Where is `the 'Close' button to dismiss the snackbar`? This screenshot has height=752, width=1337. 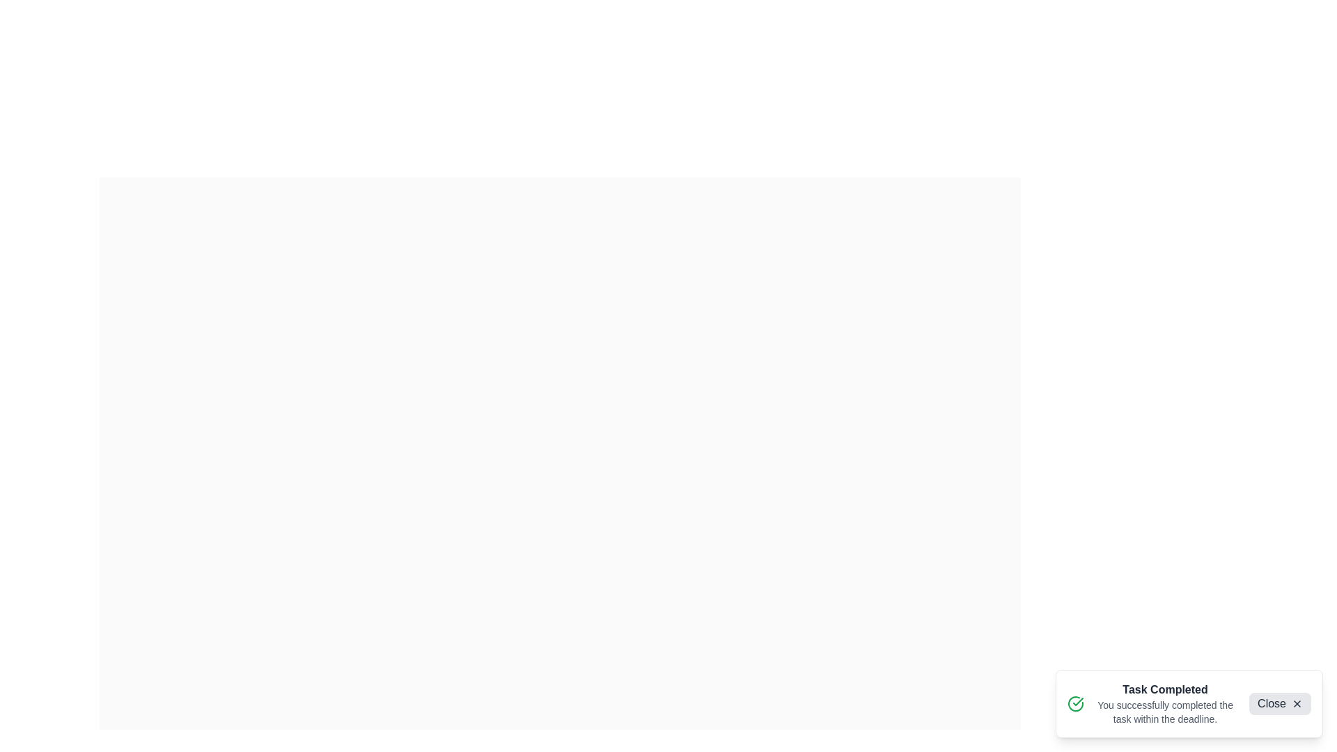
the 'Close' button to dismiss the snackbar is located at coordinates (1280, 703).